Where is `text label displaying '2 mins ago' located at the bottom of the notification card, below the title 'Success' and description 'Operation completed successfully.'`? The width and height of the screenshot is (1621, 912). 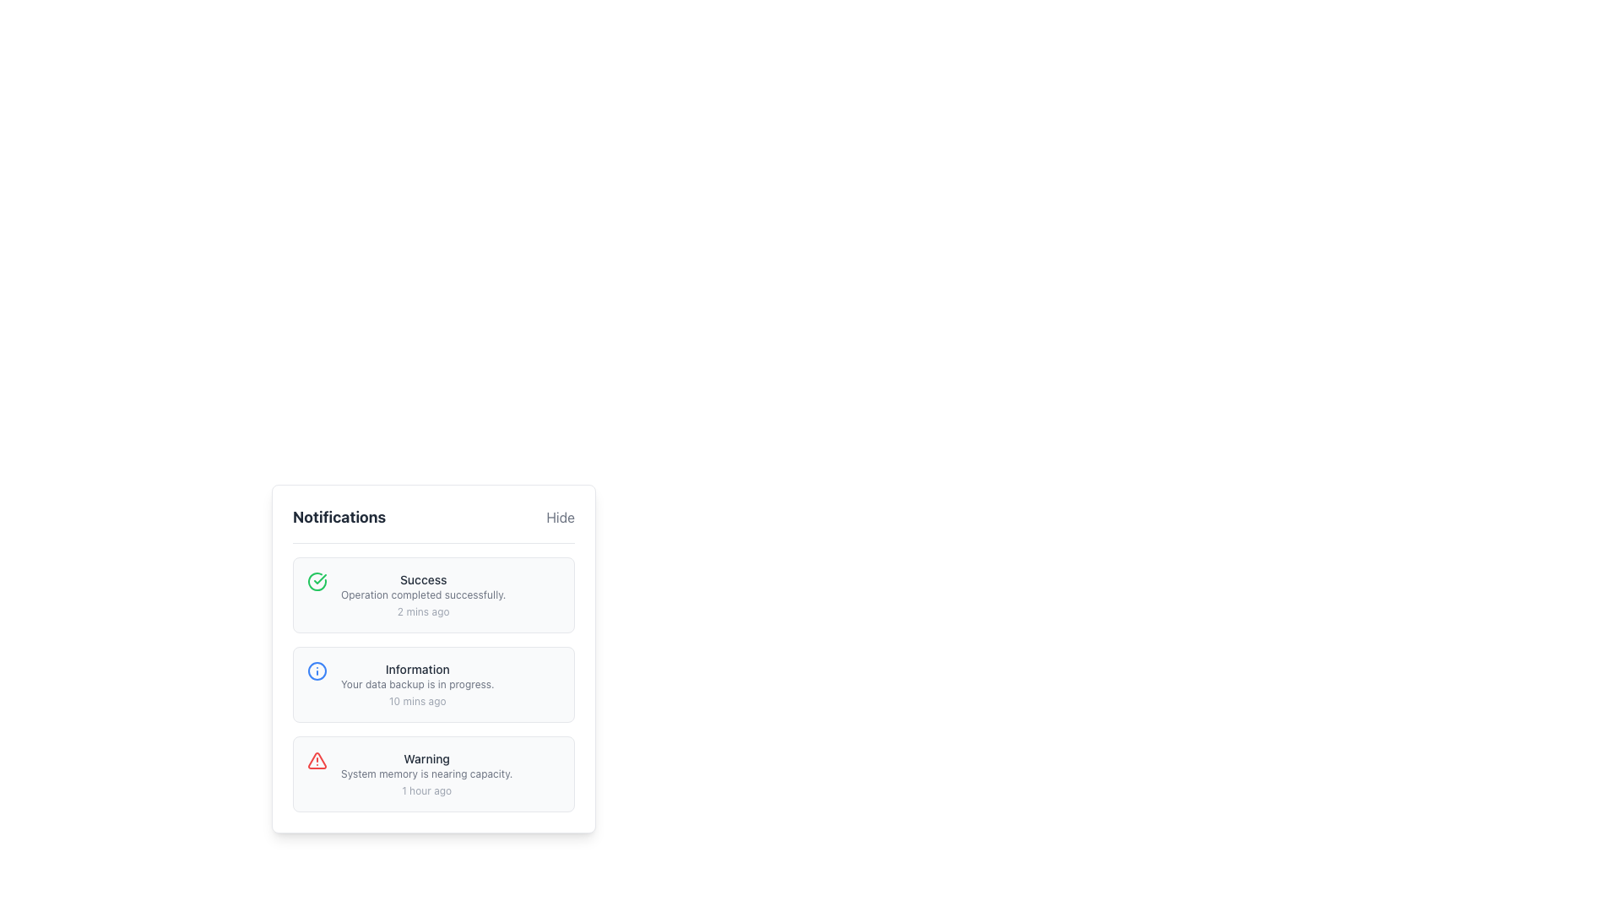 text label displaying '2 mins ago' located at the bottom of the notification card, below the title 'Success' and description 'Operation completed successfully.' is located at coordinates (423, 612).